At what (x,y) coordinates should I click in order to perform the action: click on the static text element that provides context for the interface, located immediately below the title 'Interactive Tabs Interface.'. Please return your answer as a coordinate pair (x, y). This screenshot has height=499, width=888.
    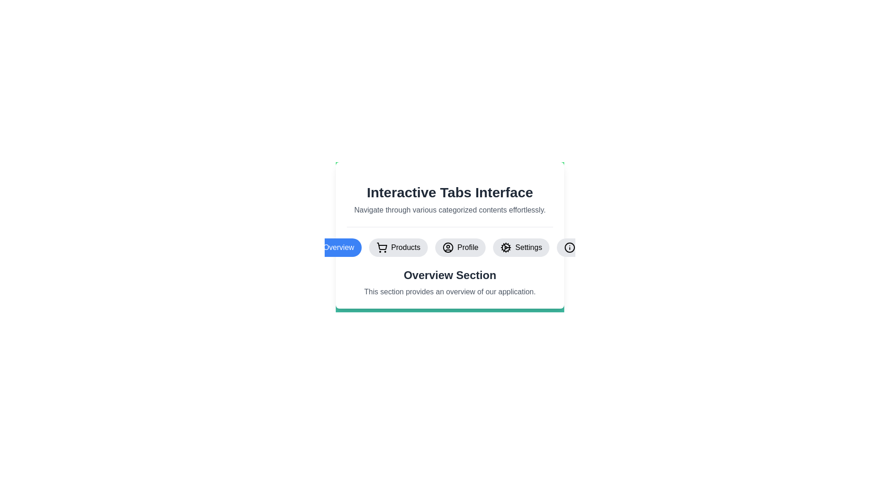
    Looking at the image, I should click on (450, 210).